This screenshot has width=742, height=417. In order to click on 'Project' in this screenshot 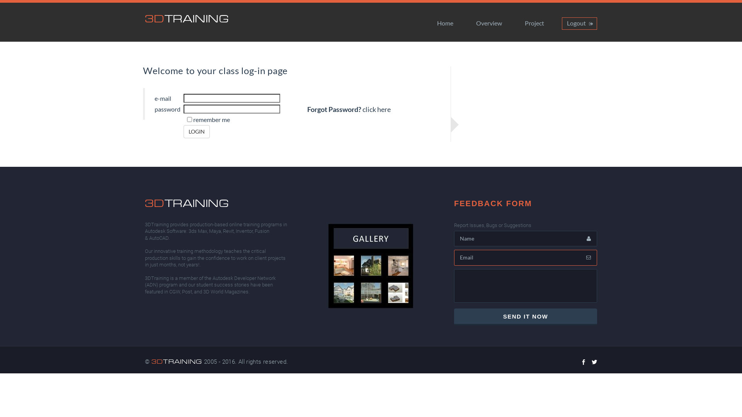, I will do `click(534, 23)`.